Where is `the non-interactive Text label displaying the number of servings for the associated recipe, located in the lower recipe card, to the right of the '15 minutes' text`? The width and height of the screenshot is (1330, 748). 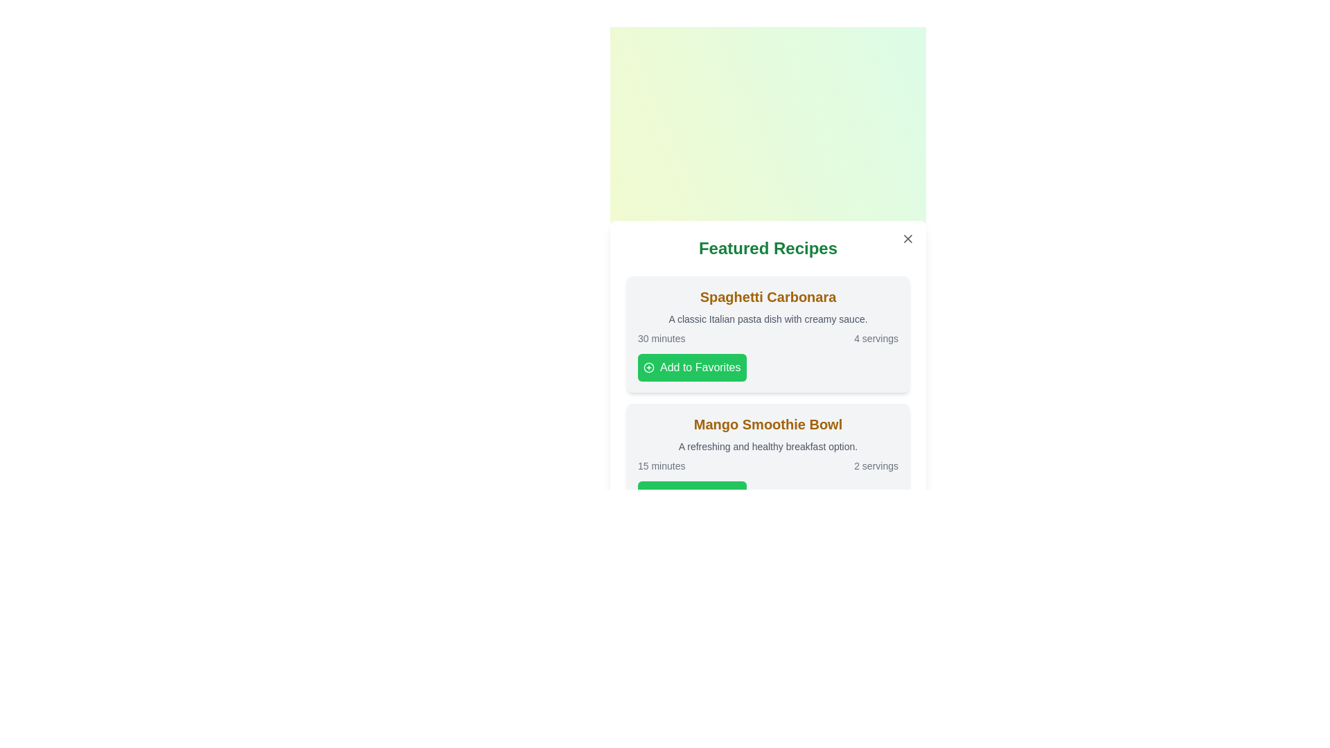
the non-interactive Text label displaying the number of servings for the associated recipe, located in the lower recipe card, to the right of the '15 minutes' text is located at coordinates (876, 465).